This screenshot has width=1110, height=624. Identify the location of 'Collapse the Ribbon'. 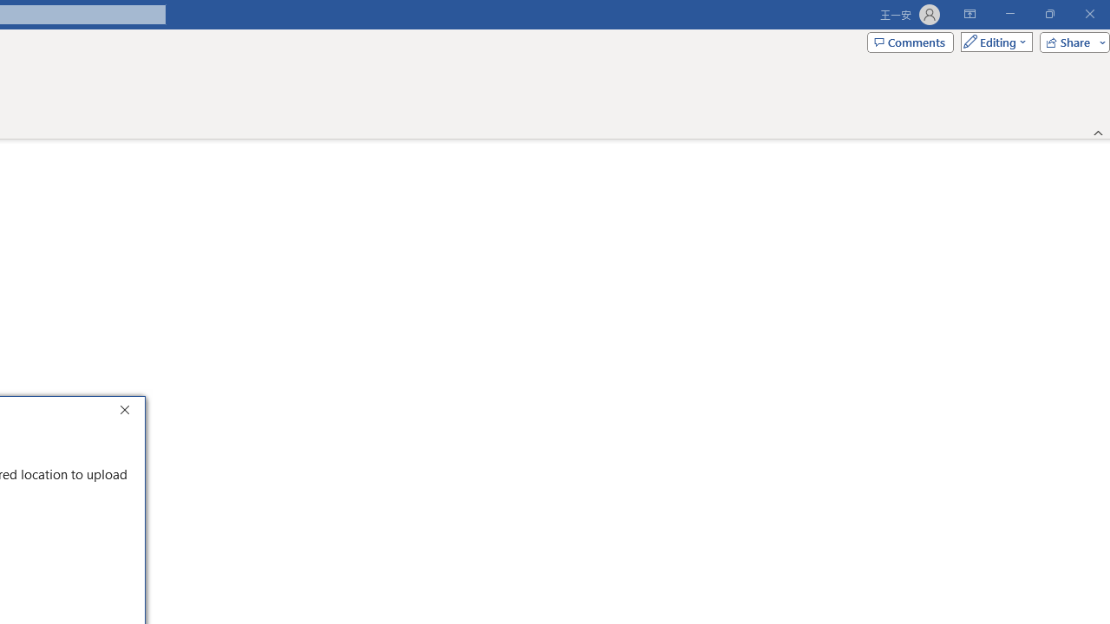
(1098, 132).